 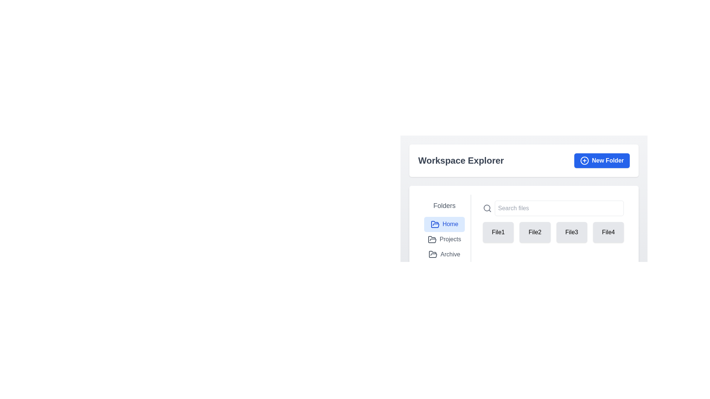 What do you see at coordinates (444, 205) in the screenshot?
I see `the 'Folders' text label, which is styled with a large gray font and serves as a header in the left navigation area` at bounding box center [444, 205].